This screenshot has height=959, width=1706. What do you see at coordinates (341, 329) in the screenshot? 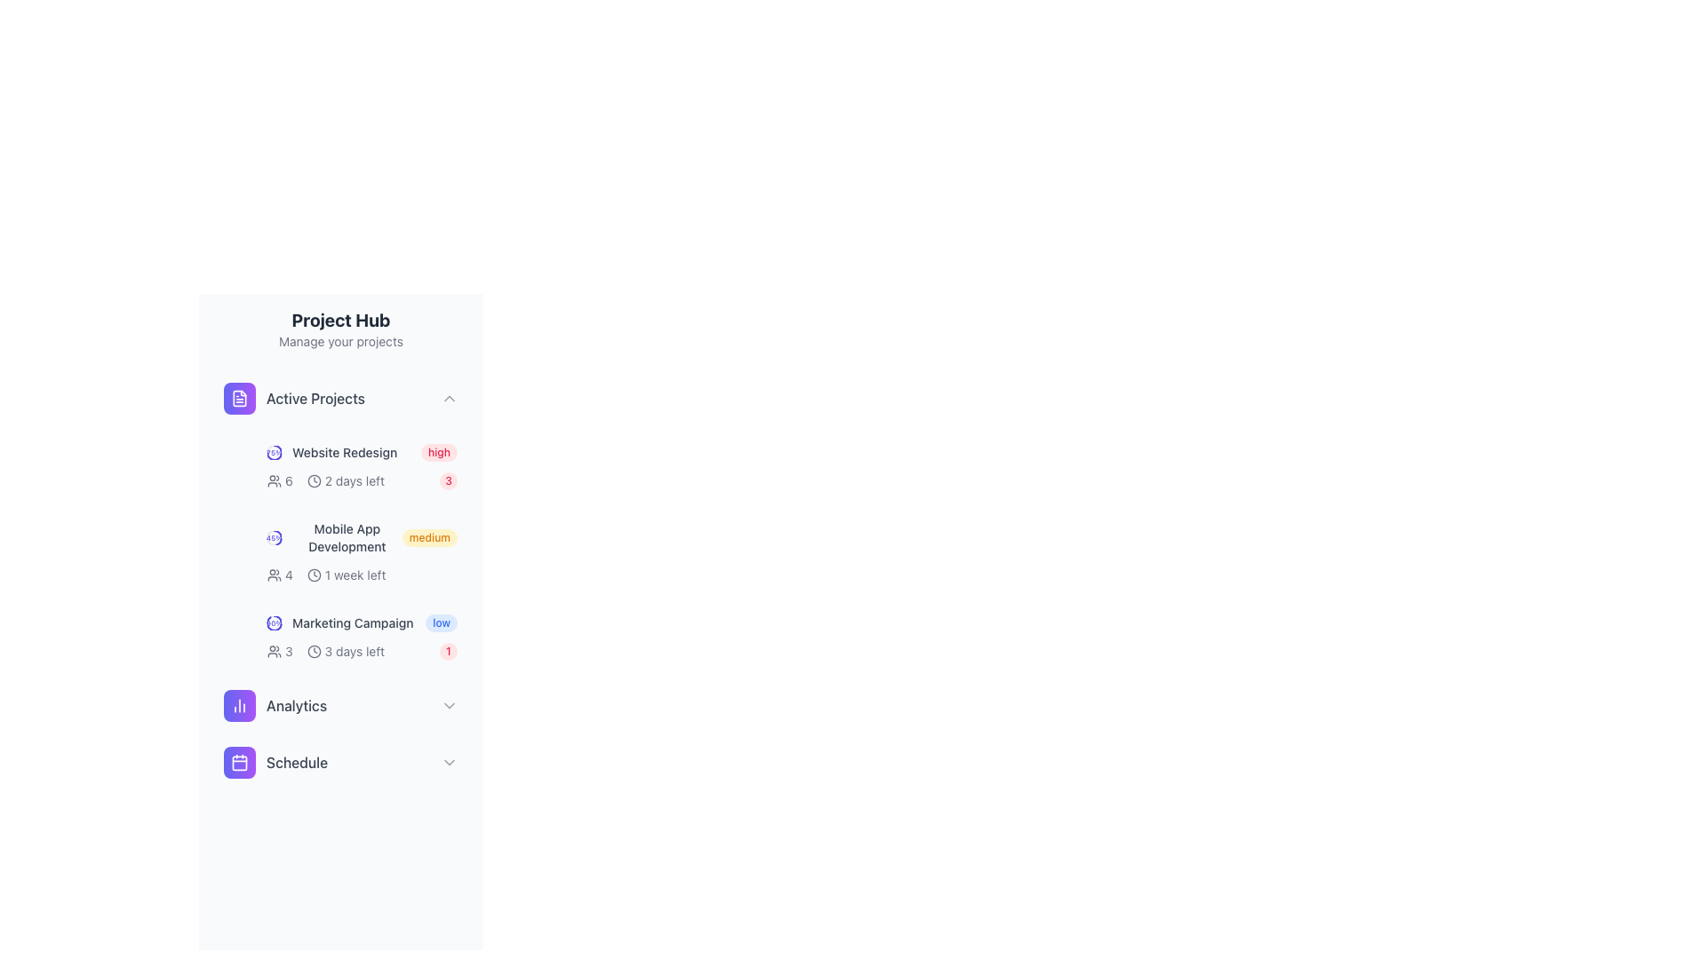
I see `text label that provides a title and brief description for the project management section, located above the 'Active Projects' list` at bounding box center [341, 329].